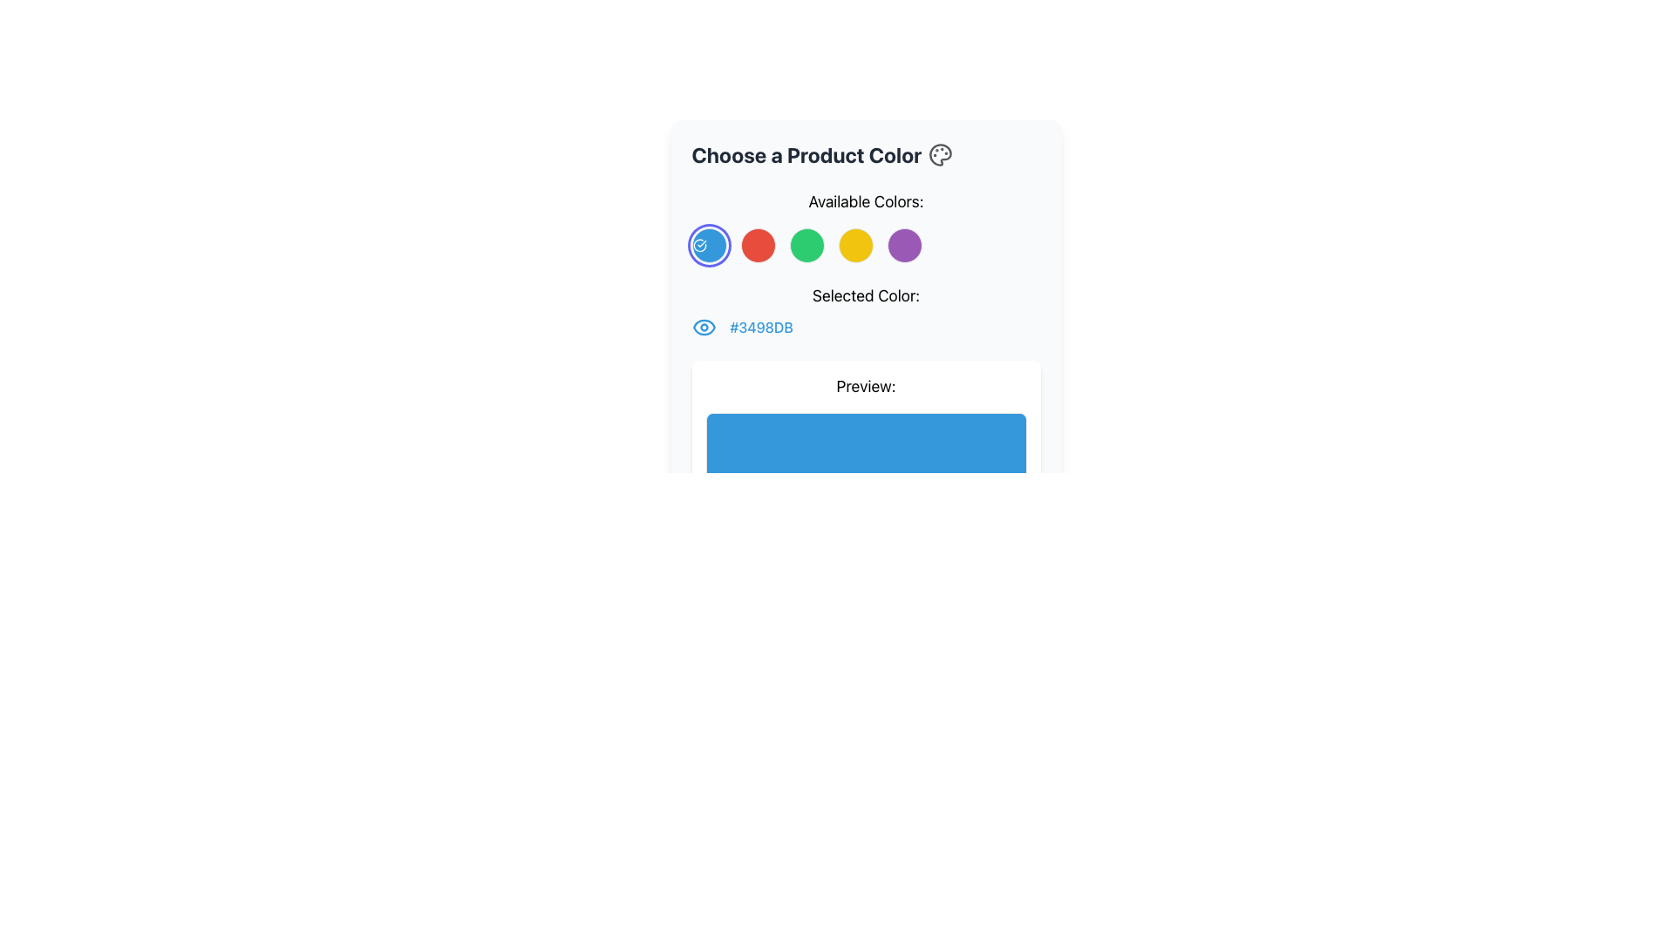  I want to click on the fifth circular button in the 'Available Colors' section, so click(904, 245).